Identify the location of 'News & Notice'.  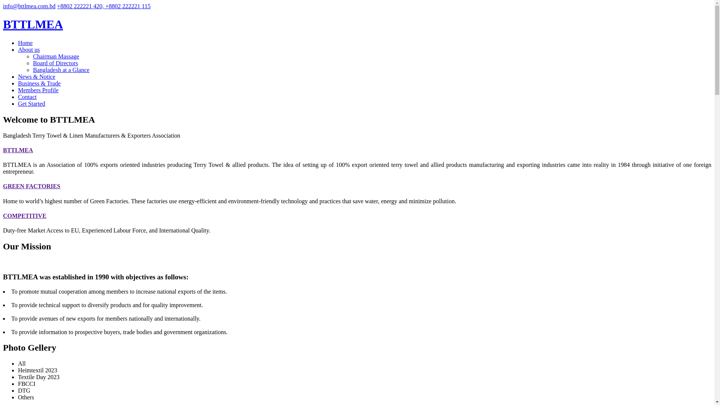
(36, 76).